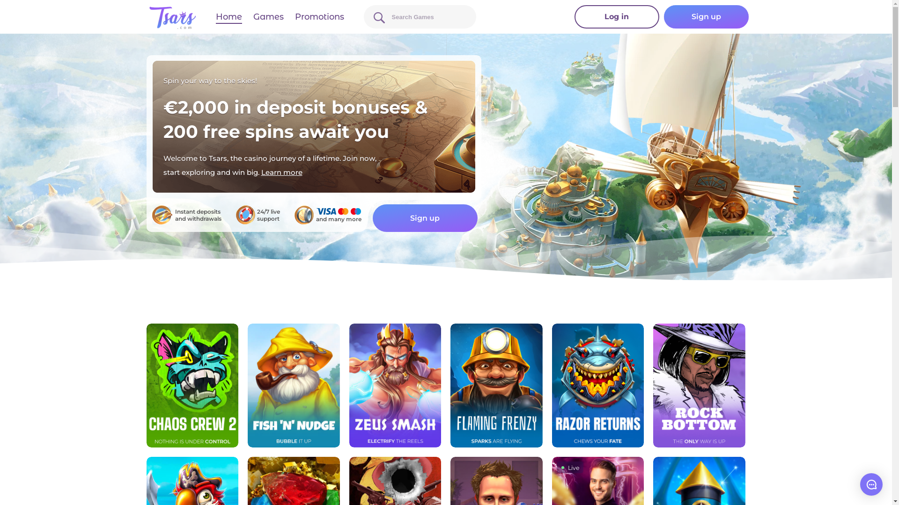  Describe the element at coordinates (172, 18) in the screenshot. I see `'tsars.com'` at that location.